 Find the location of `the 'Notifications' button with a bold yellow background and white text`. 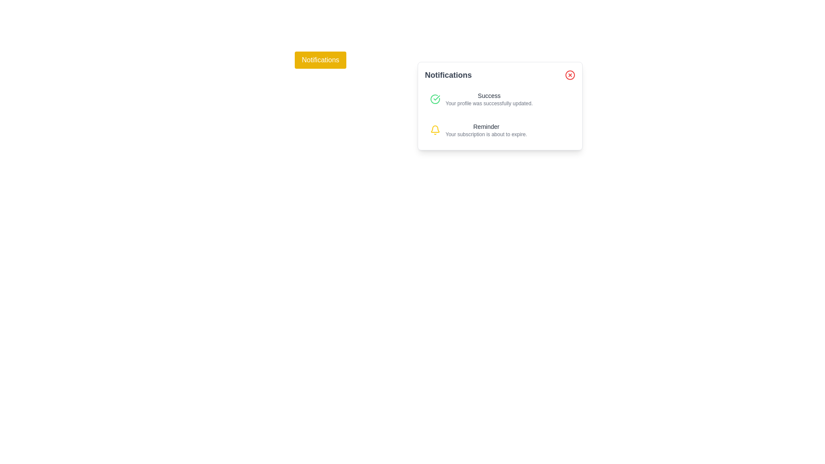

the 'Notifications' button with a bold yellow background and white text is located at coordinates (320, 59).